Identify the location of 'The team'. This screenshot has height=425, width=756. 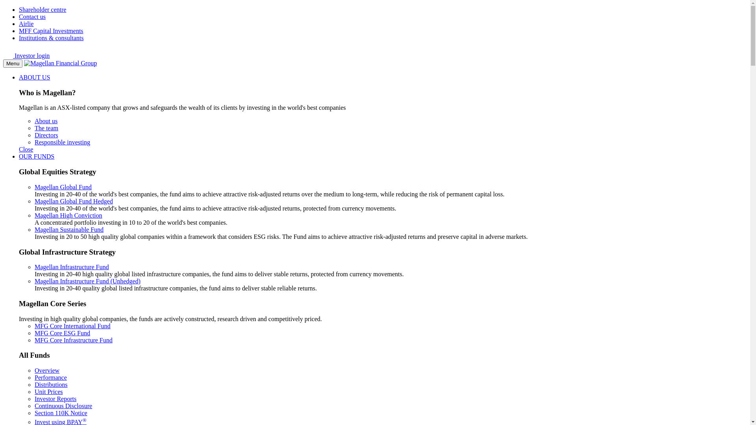
(34, 128).